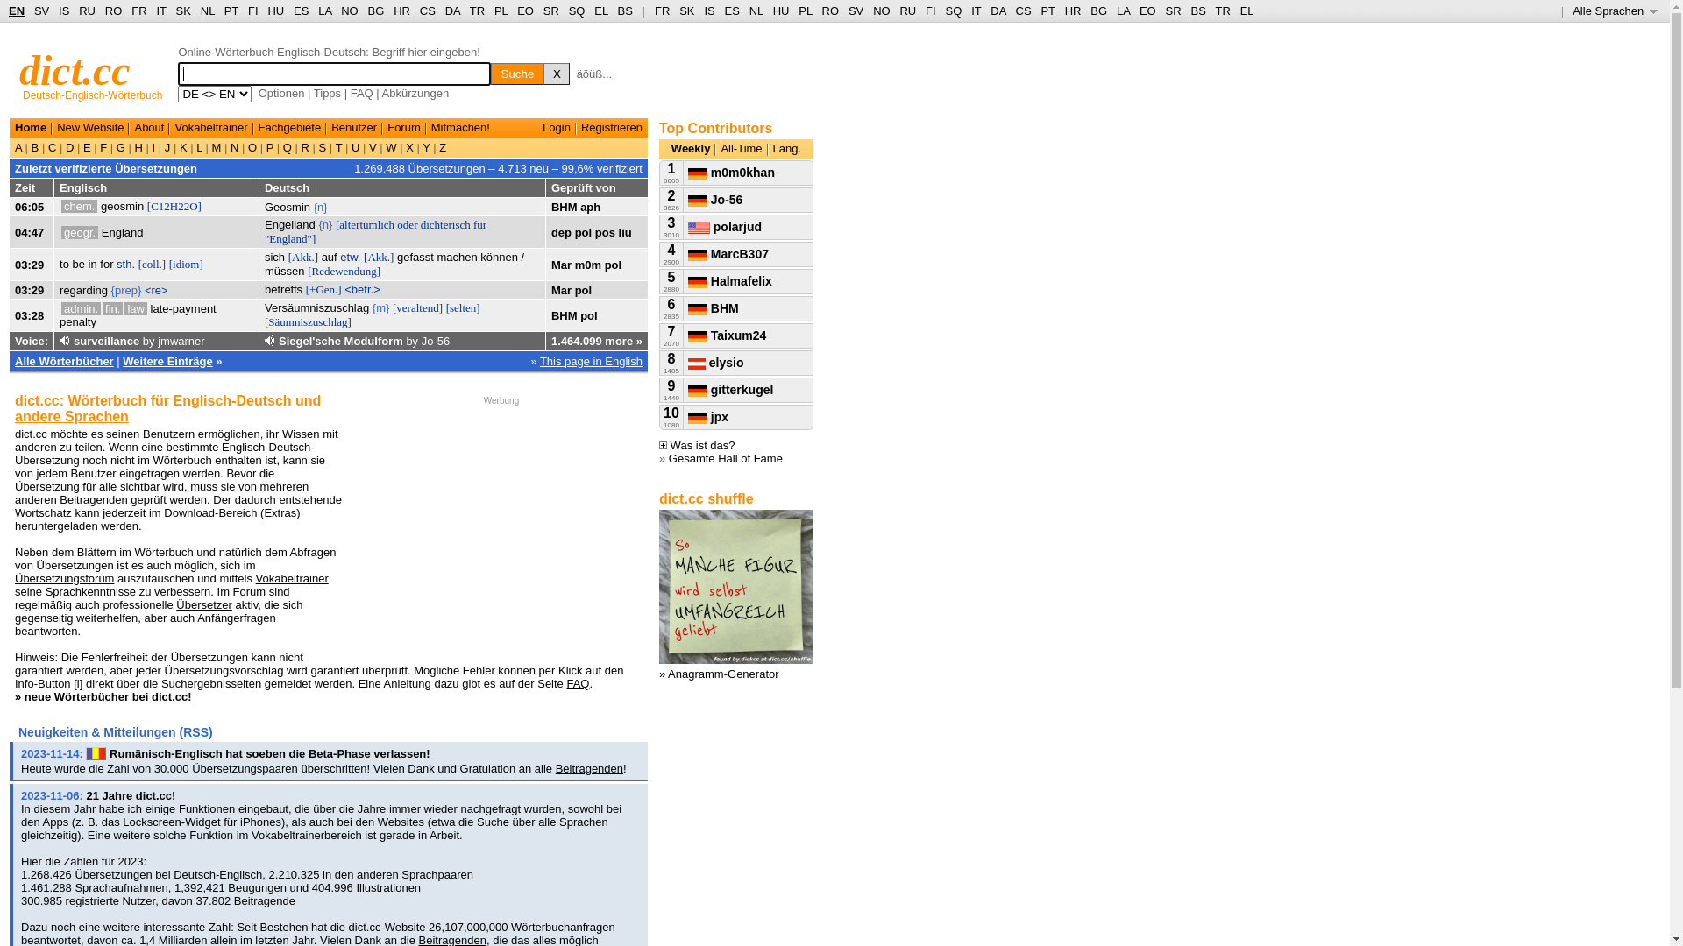 Image resolution: width=1683 pixels, height=946 pixels. Describe the element at coordinates (130, 11) in the screenshot. I see `'FR'` at that location.